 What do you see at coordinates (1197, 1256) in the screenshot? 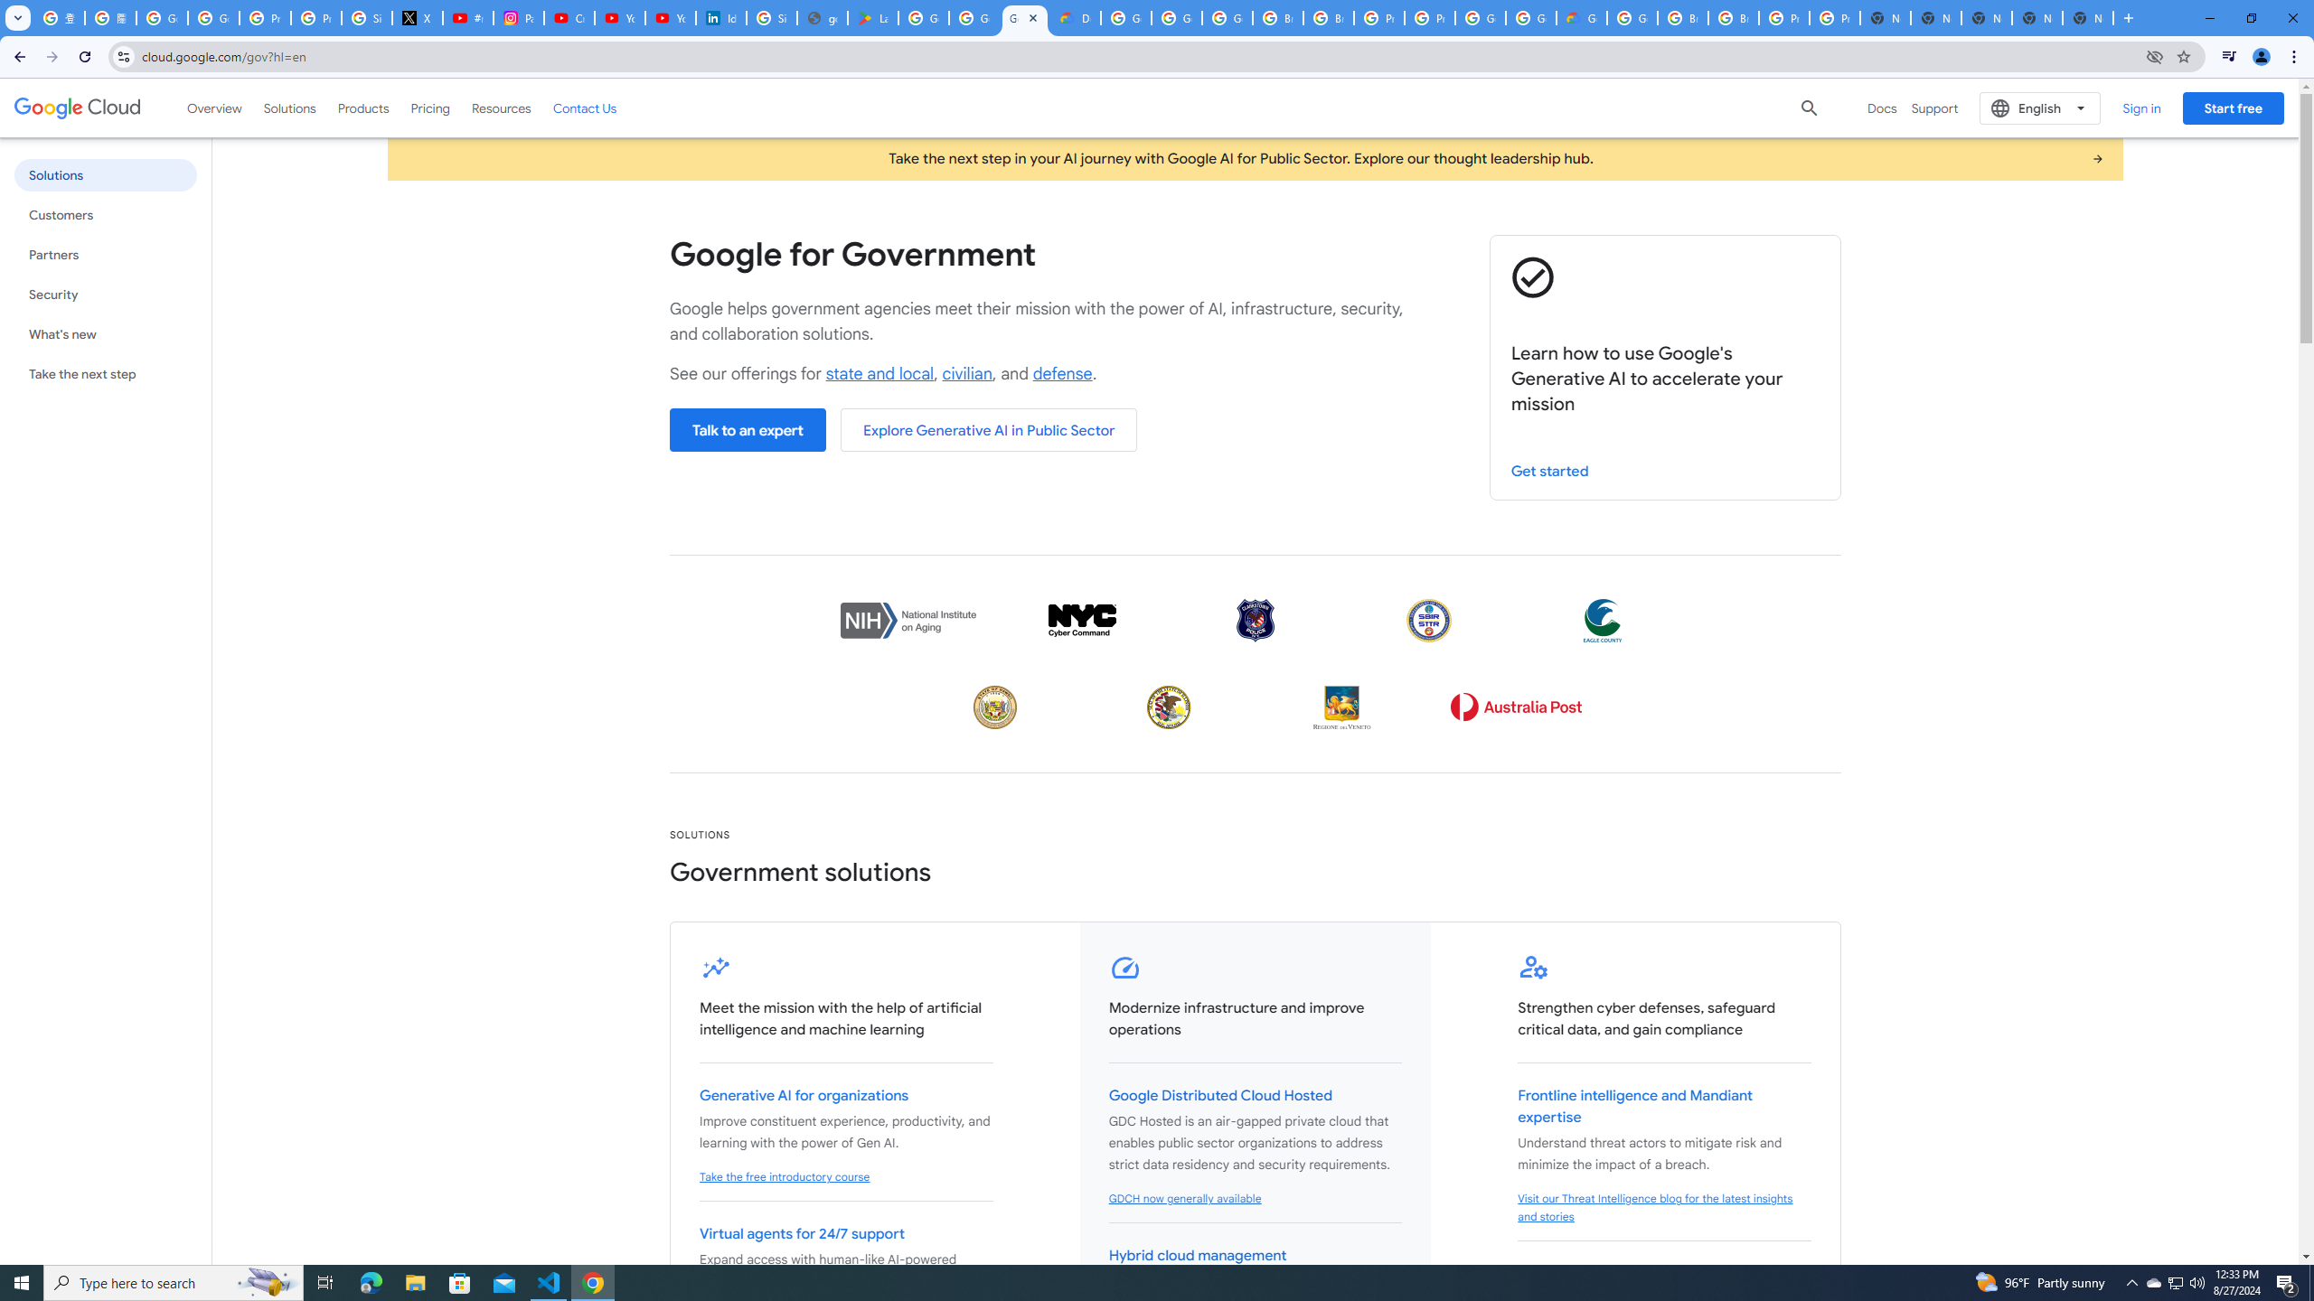
I see `'Hybrid cloud management'` at bounding box center [1197, 1256].